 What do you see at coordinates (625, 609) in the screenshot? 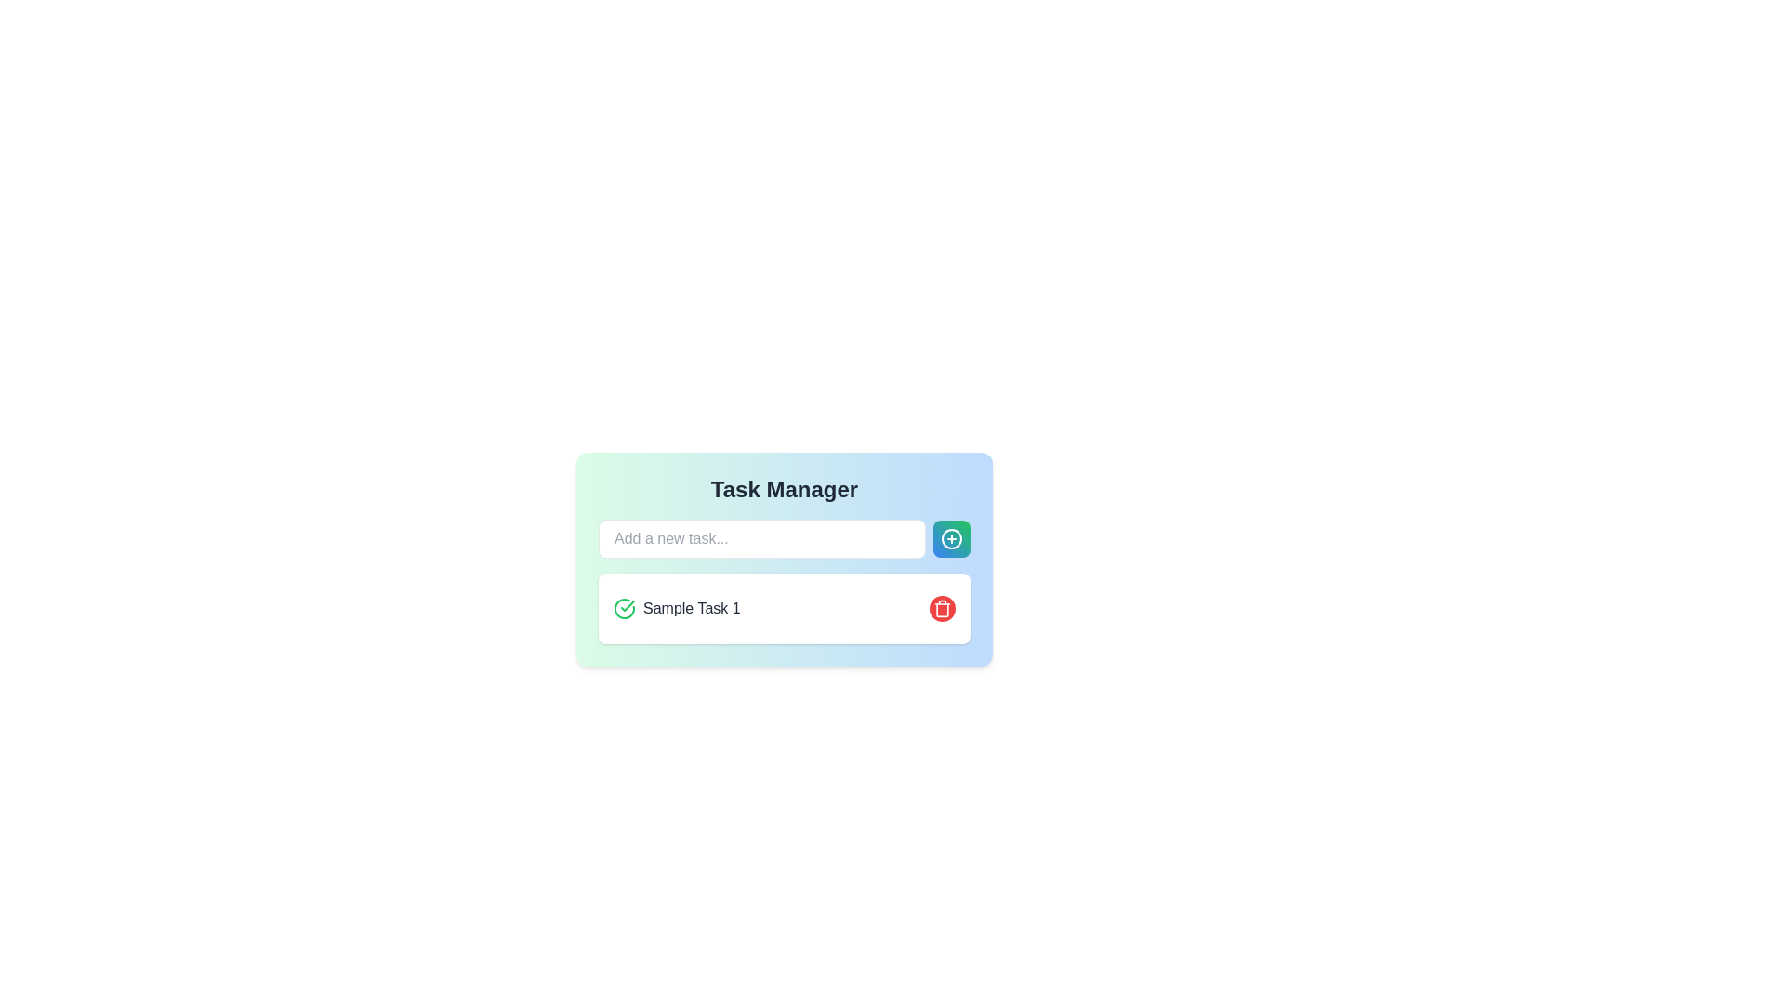
I see `the status indicator icon/button for 'Sample Task 1'` at bounding box center [625, 609].